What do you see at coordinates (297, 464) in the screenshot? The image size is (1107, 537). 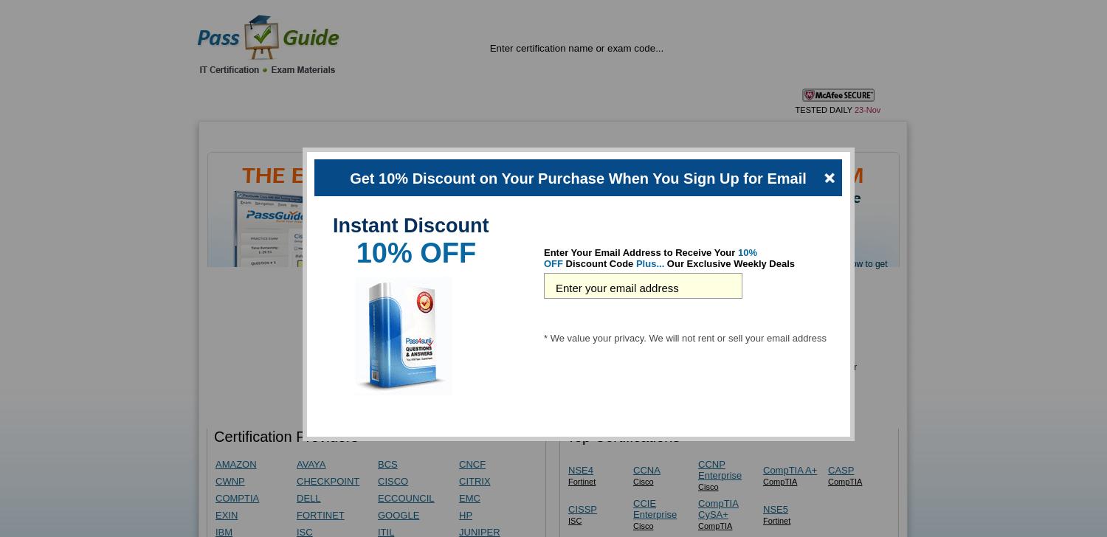 I see `'AVAYA'` at bounding box center [297, 464].